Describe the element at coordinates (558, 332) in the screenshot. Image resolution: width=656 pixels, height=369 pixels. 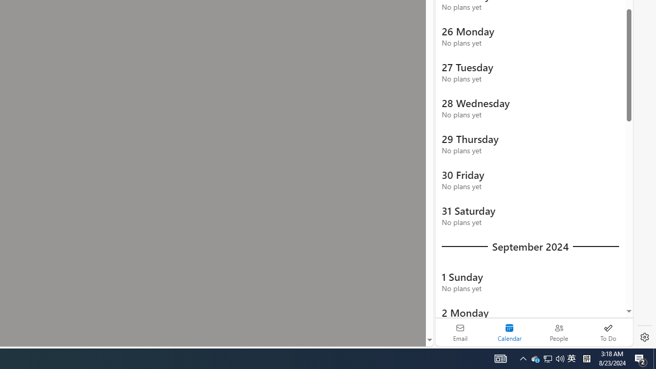
I see `'People'` at that location.